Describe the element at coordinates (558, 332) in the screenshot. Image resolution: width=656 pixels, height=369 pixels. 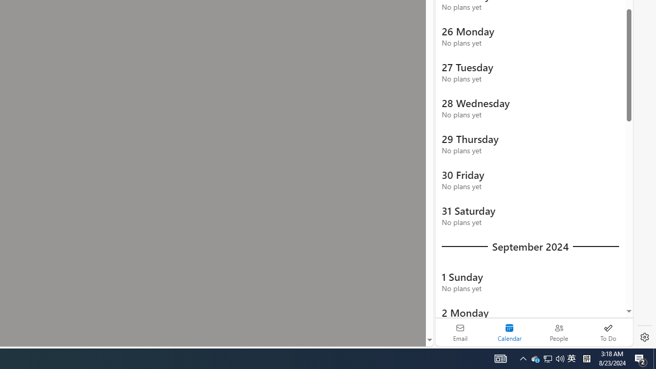
I see `'People'` at that location.